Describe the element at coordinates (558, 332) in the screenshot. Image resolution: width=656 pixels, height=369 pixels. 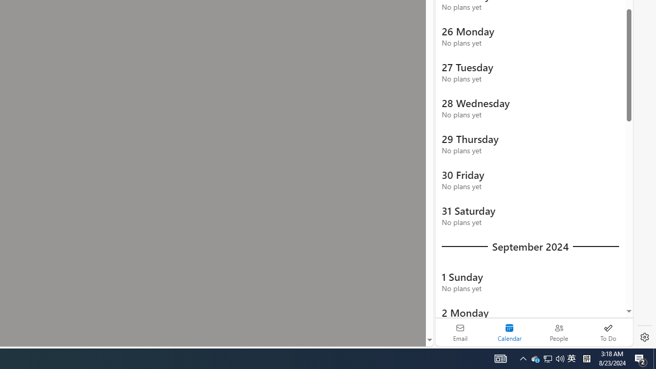
I see `'People'` at that location.